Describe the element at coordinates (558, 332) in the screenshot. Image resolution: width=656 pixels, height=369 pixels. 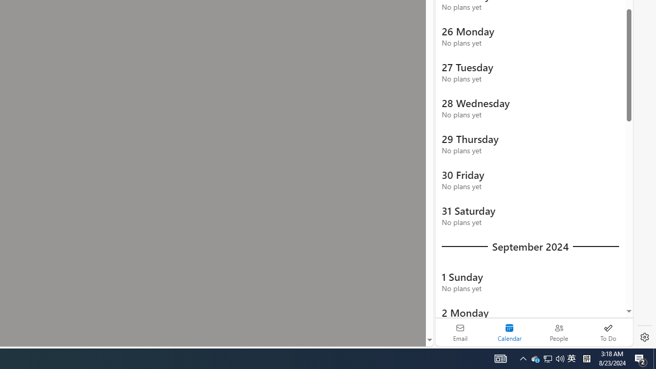
I see `'People'` at that location.